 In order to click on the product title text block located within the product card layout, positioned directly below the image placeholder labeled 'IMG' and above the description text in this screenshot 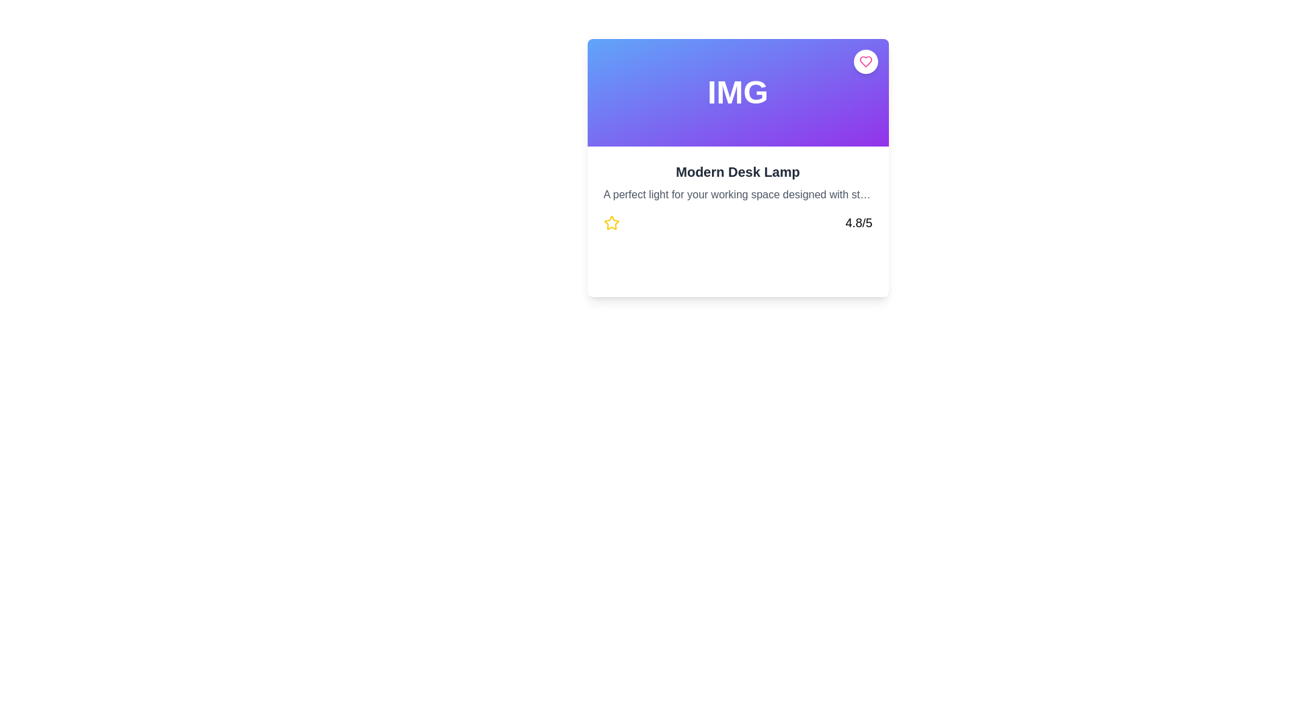, I will do `click(737, 171)`.